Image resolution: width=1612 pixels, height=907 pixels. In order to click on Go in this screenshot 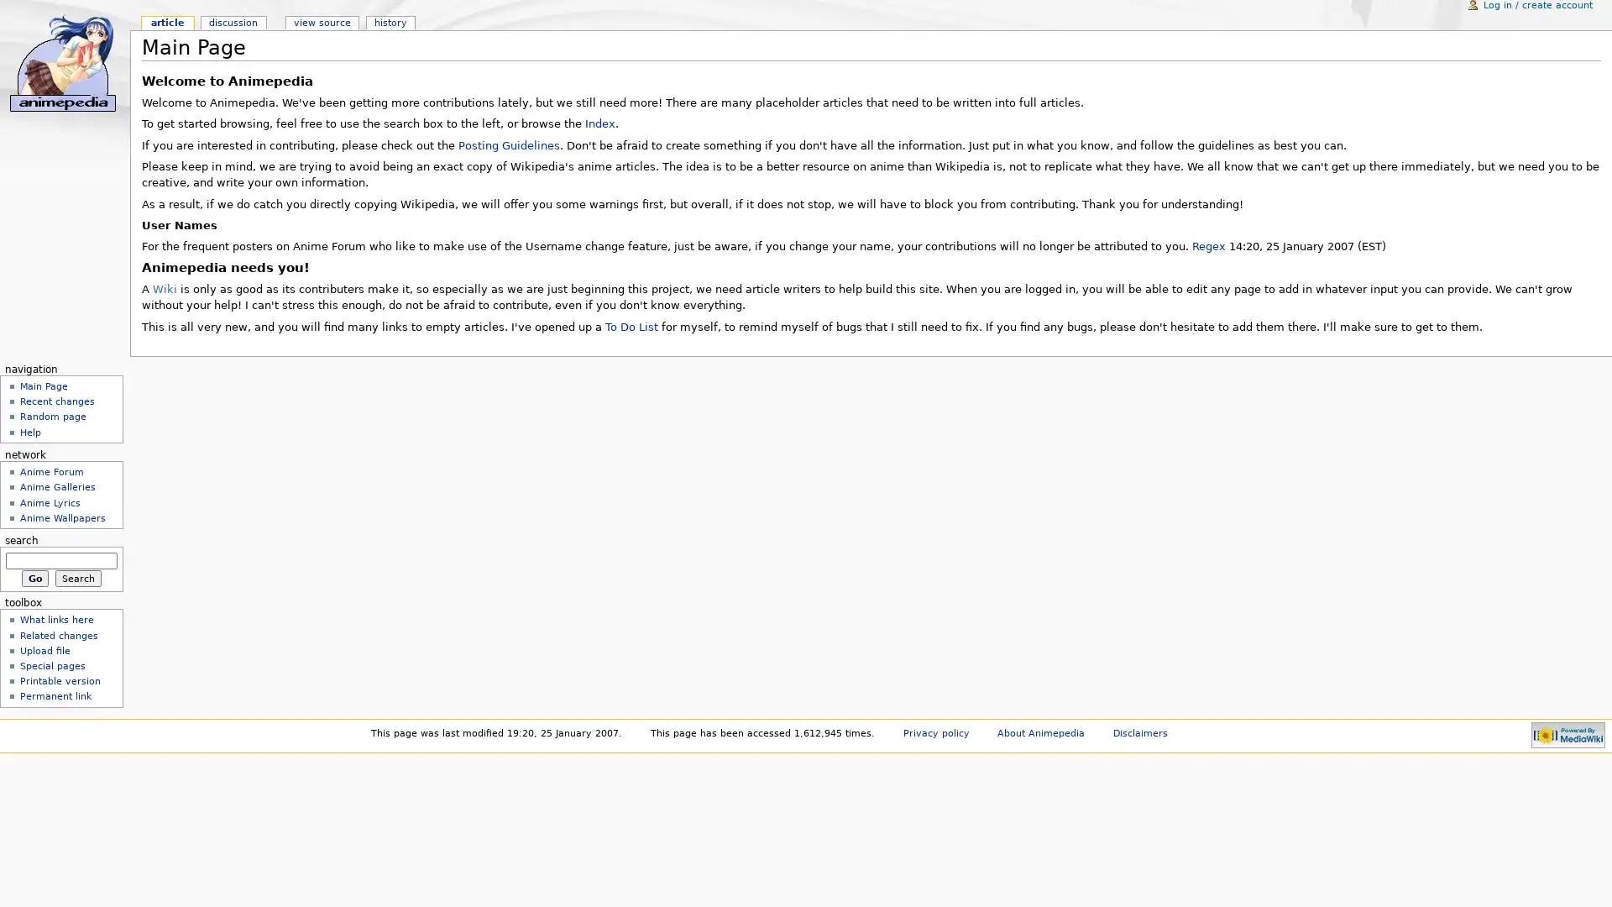, I will do `click(34, 576)`.